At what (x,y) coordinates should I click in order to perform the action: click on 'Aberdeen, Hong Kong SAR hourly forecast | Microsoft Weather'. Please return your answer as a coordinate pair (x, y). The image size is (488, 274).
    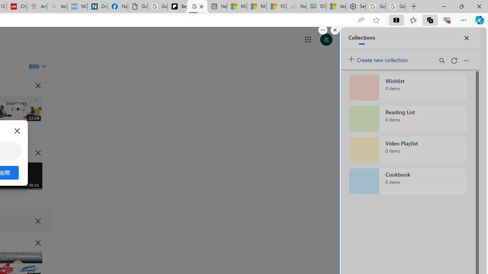
    Looking at the image, I should click on (335, 6).